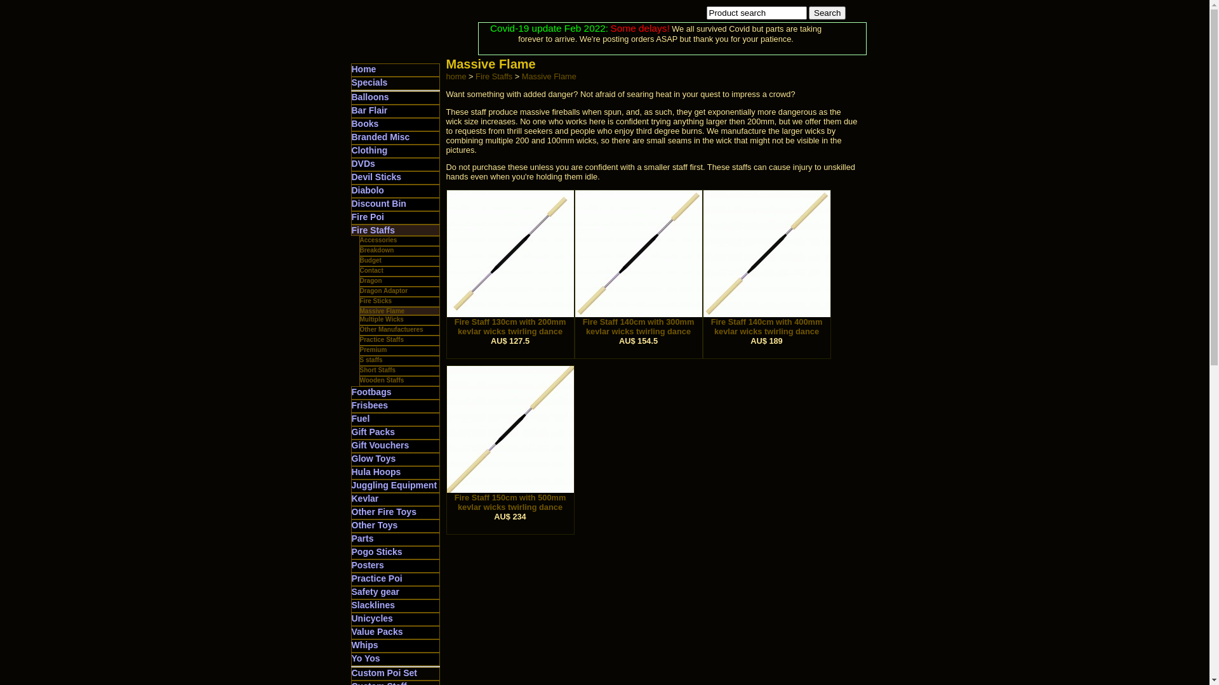  What do you see at coordinates (371, 618) in the screenshot?
I see `'Unicycles'` at bounding box center [371, 618].